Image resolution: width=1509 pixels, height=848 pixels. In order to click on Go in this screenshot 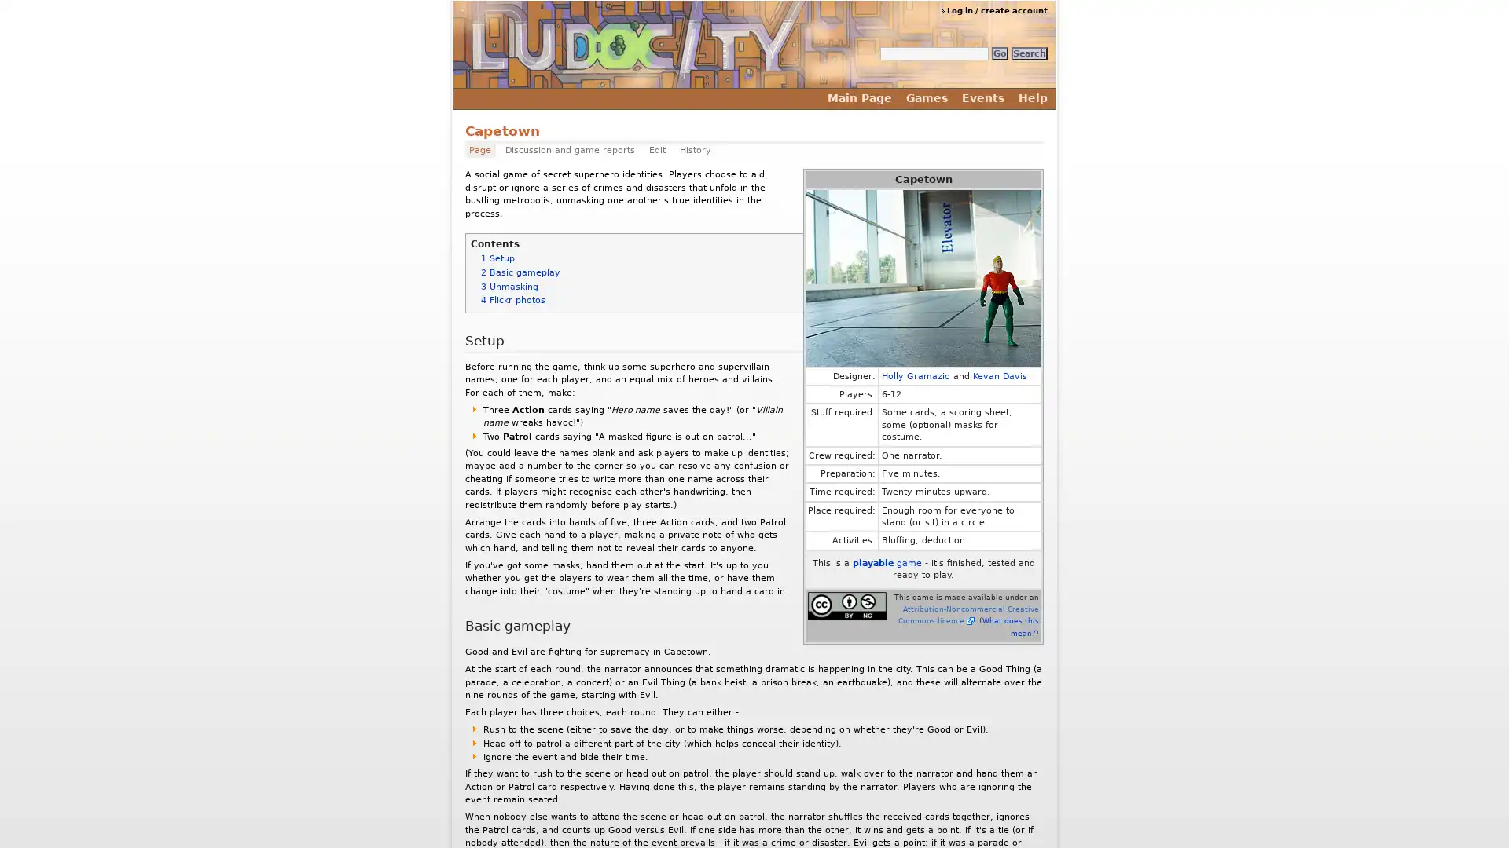, I will do `click(999, 53)`.